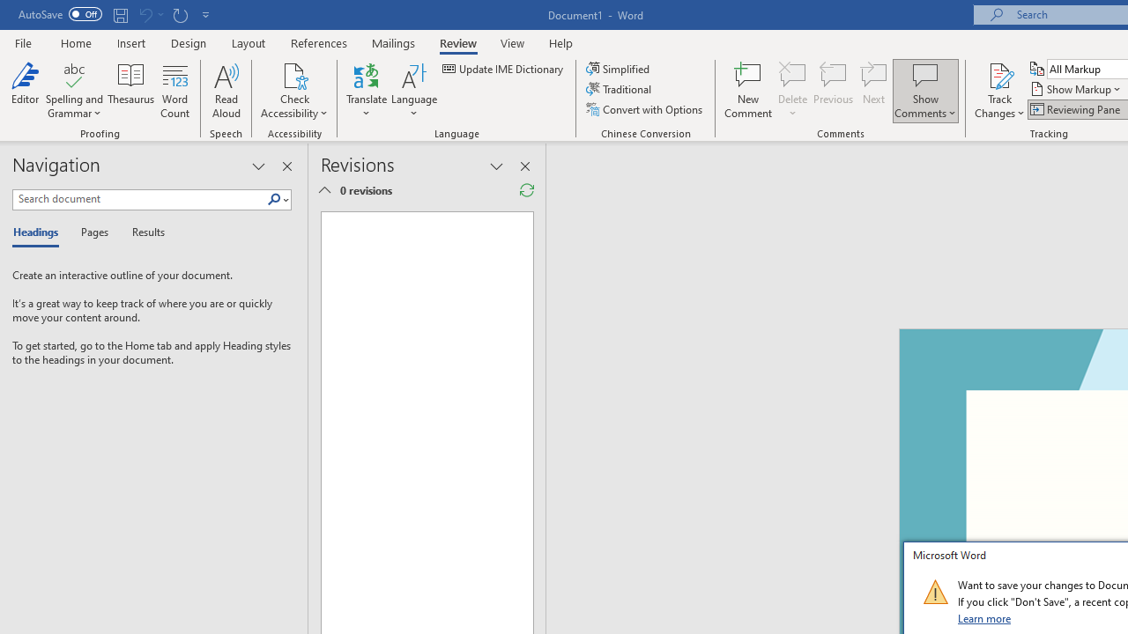 The height and width of the screenshot is (634, 1128). What do you see at coordinates (74, 74) in the screenshot?
I see `'Spelling and Grammar'` at bounding box center [74, 74].